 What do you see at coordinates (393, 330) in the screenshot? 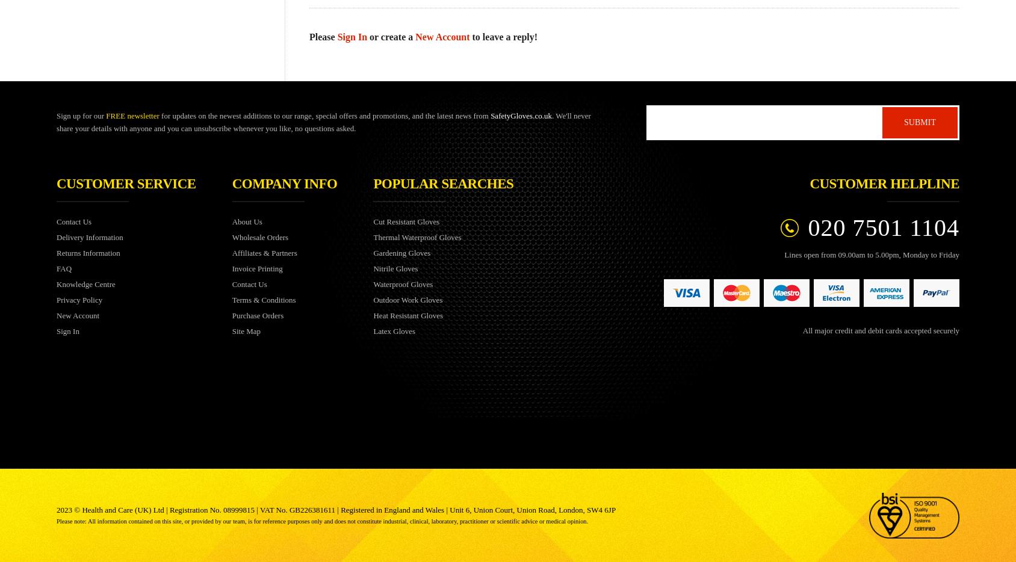
I see `'Latex Gloves'` at bounding box center [393, 330].